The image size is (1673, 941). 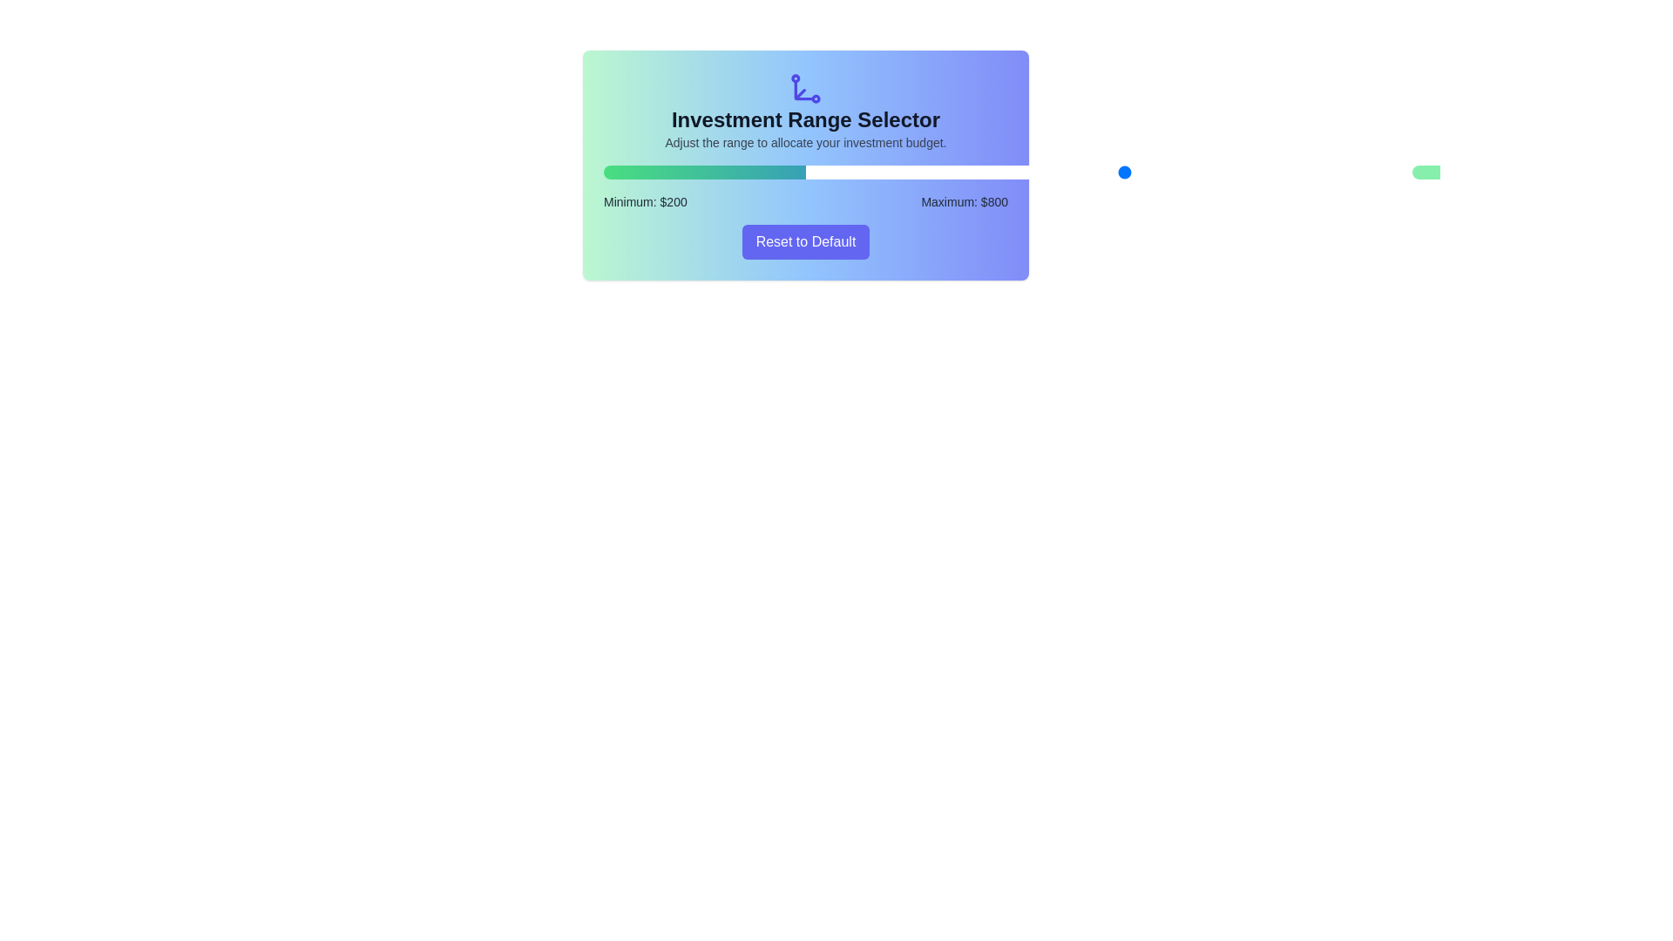 What do you see at coordinates (985, 172) in the screenshot?
I see `the minimum investment range slider to 442` at bounding box center [985, 172].